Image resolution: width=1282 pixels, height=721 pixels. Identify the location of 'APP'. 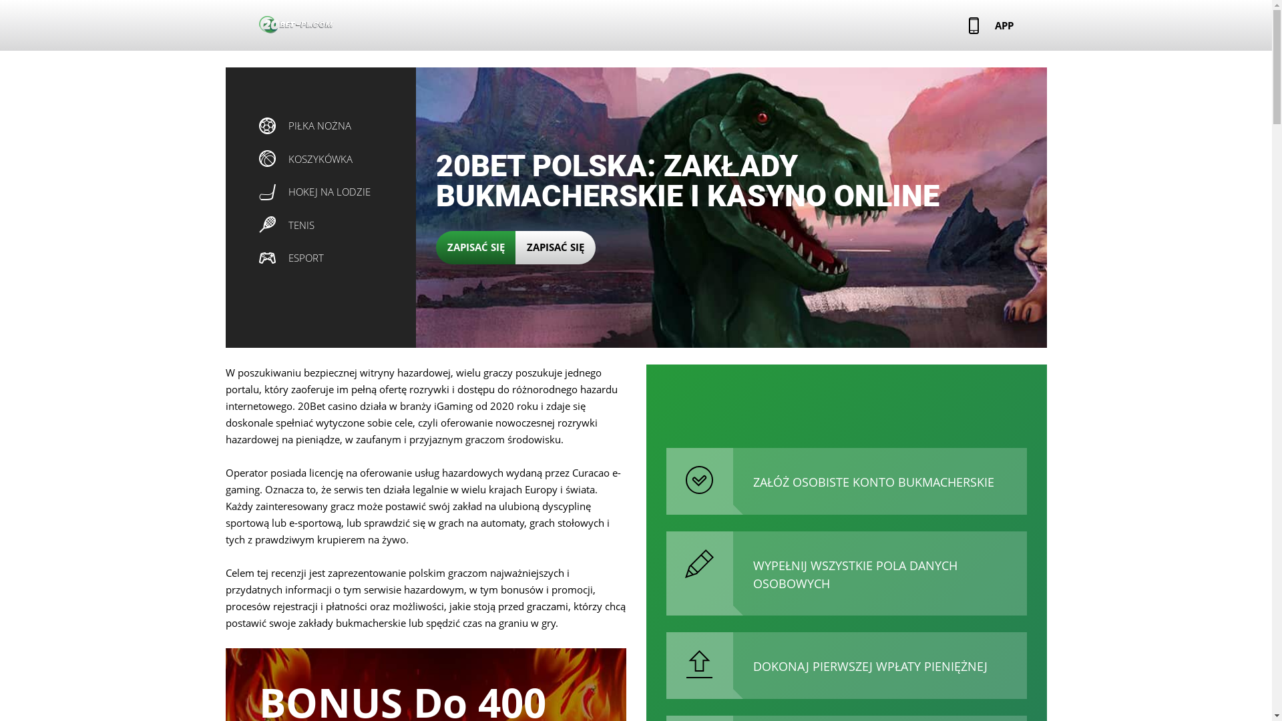
(990, 25).